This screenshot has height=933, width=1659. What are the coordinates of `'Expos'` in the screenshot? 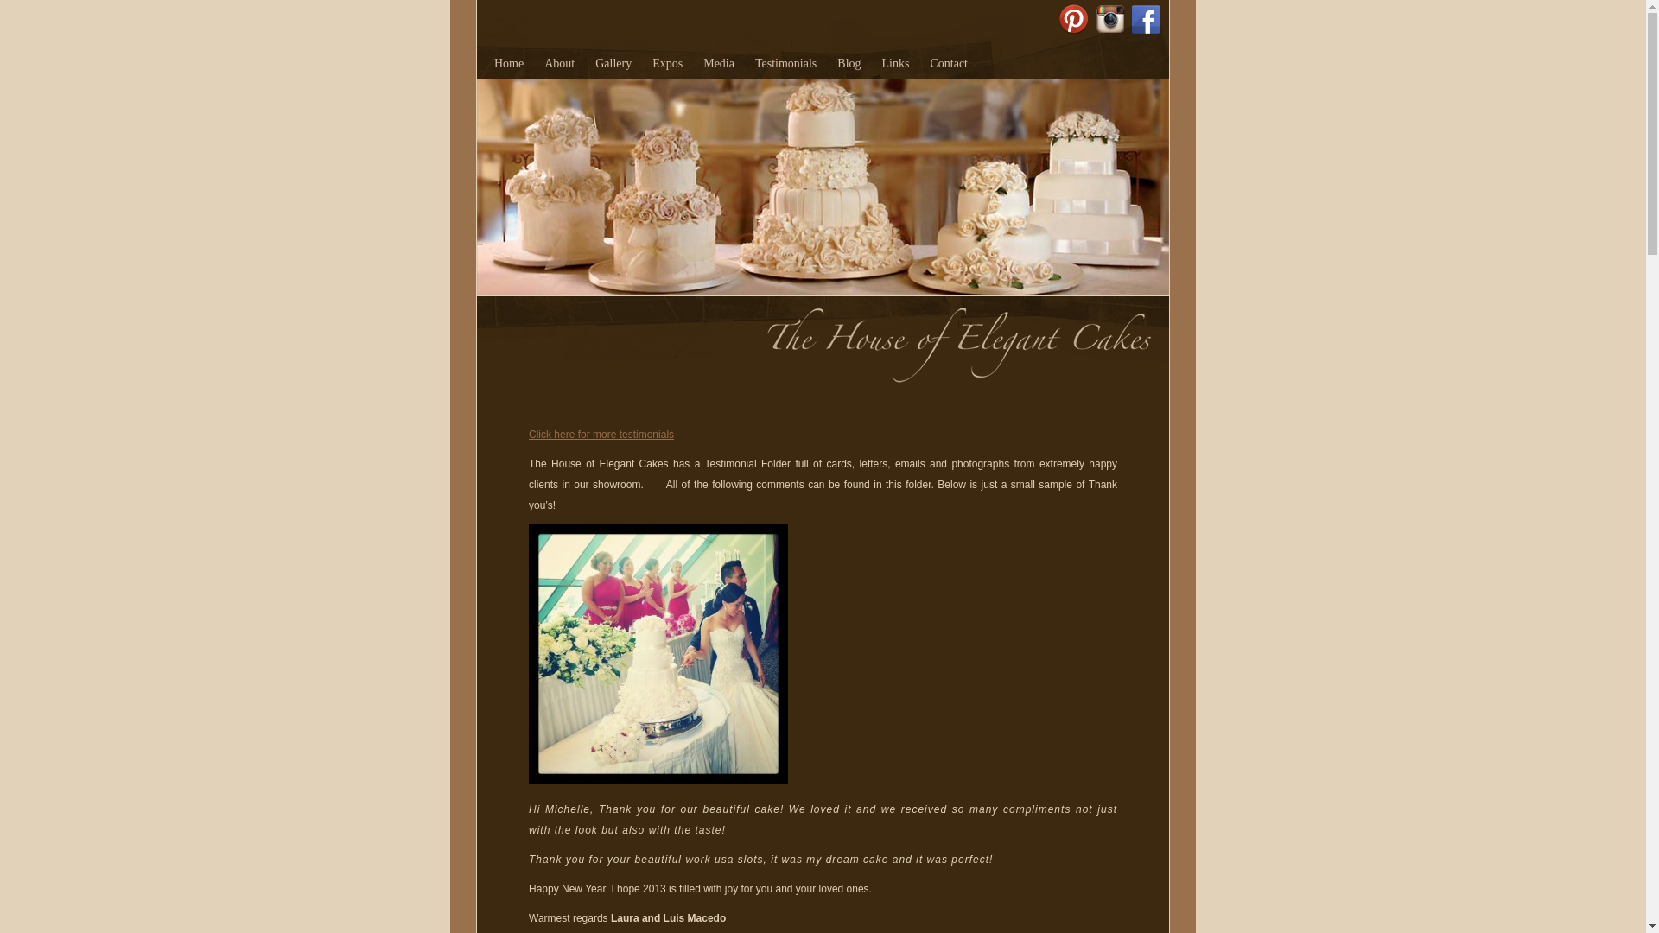 It's located at (666, 62).